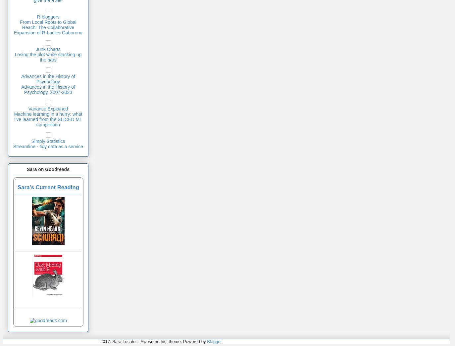 The height and width of the screenshot is (346, 455). What do you see at coordinates (222, 341) in the screenshot?
I see `'.'` at bounding box center [222, 341].